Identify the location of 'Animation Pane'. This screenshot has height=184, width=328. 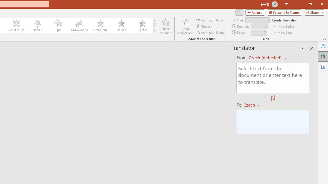
(210, 20).